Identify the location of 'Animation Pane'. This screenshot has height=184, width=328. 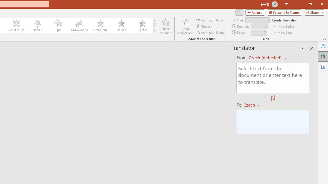
(210, 20).